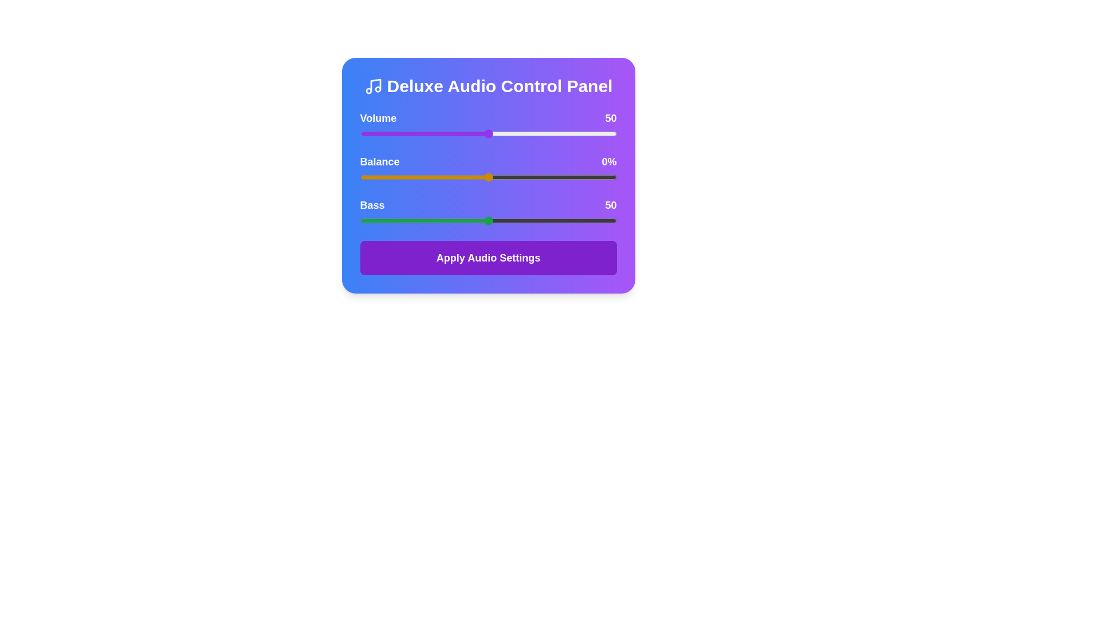  What do you see at coordinates (457, 177) in the screenshot?
I see `balance` at bounding box center [457, 177].